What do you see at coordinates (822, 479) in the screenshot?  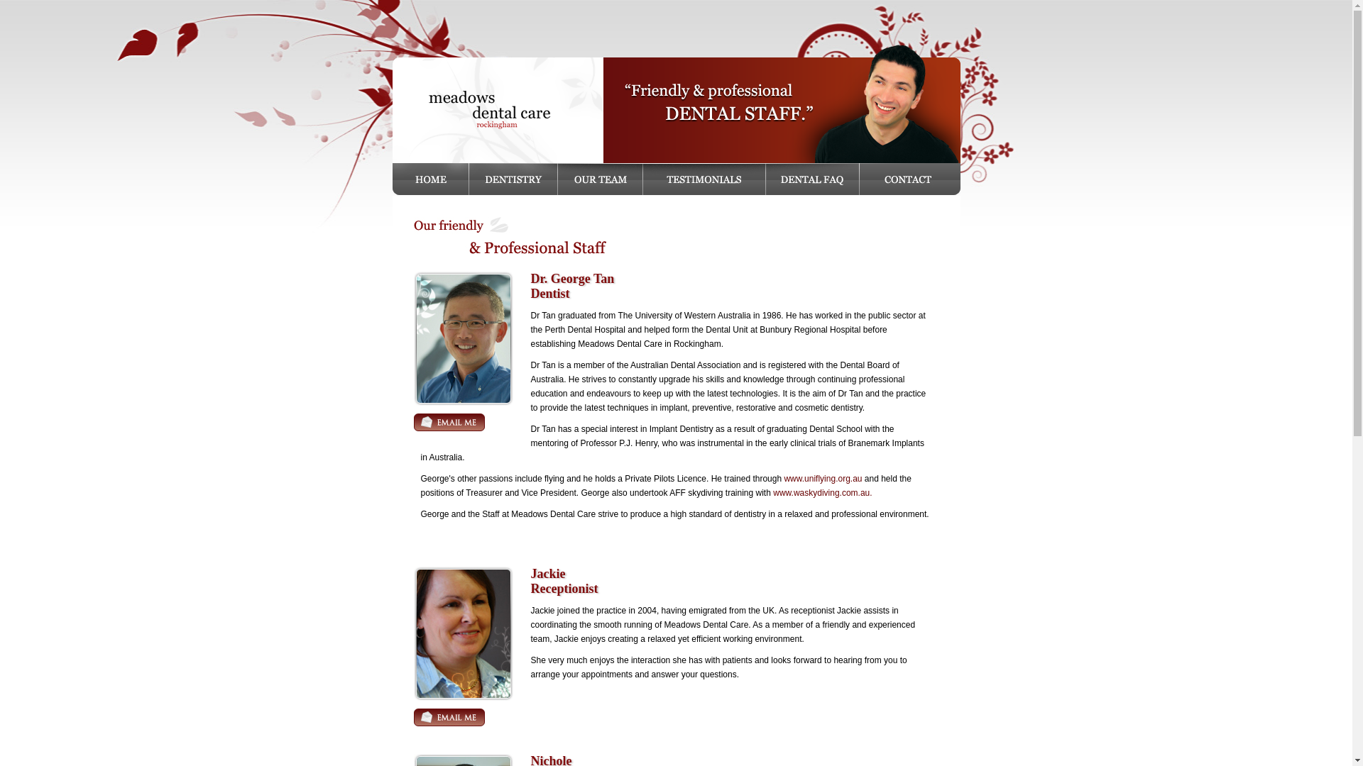 I see `'www.uniflying.org.au'` at bounding box center [822, 479].